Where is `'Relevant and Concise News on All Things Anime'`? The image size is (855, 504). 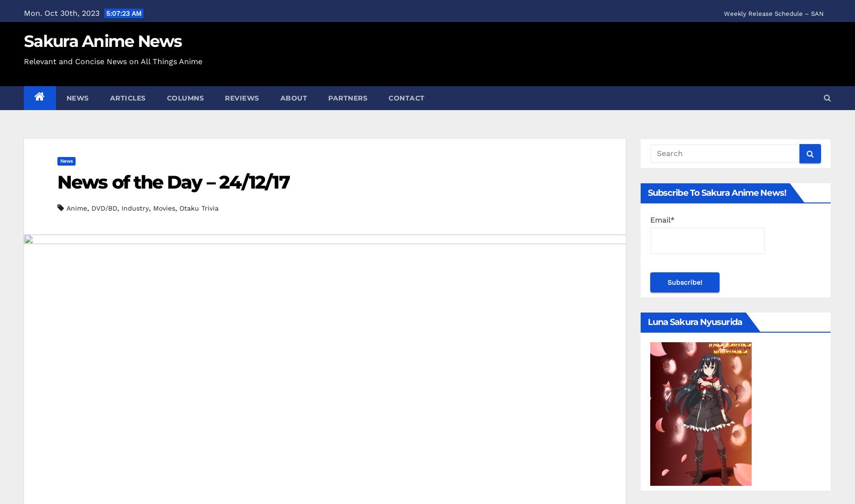 'Relevant and Concise News on All Things Anime' is located at coordinates (112, 61).